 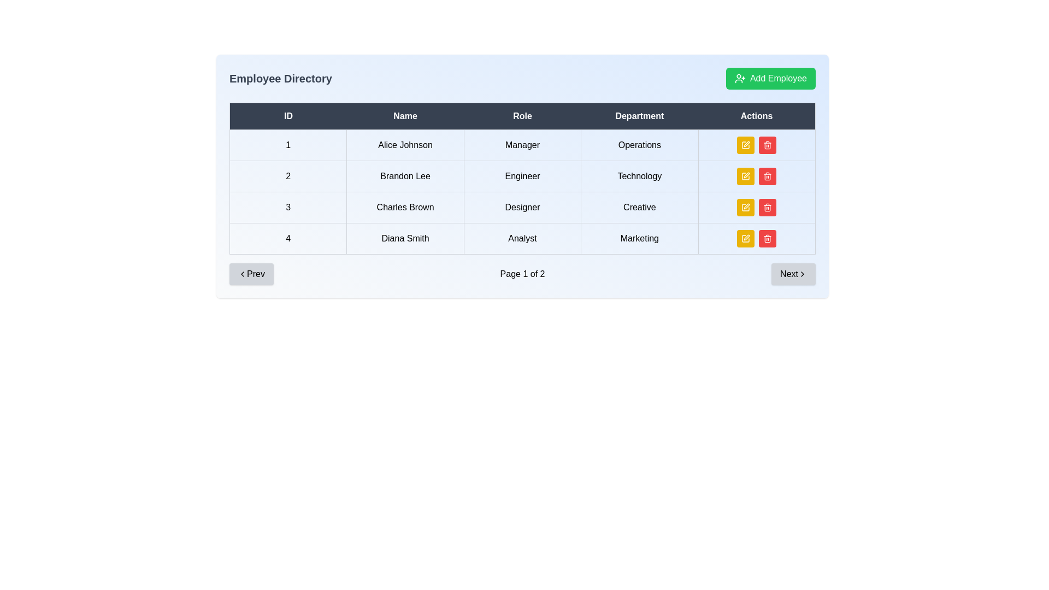 What do you see at coordinates (745, 208) in the screenshot?
I see `the yellow rectangular button with rounded edges containing a white pen icon in the 'Actions' column of the fourth row to initiate an edit action` at bounding box center [745, 208].